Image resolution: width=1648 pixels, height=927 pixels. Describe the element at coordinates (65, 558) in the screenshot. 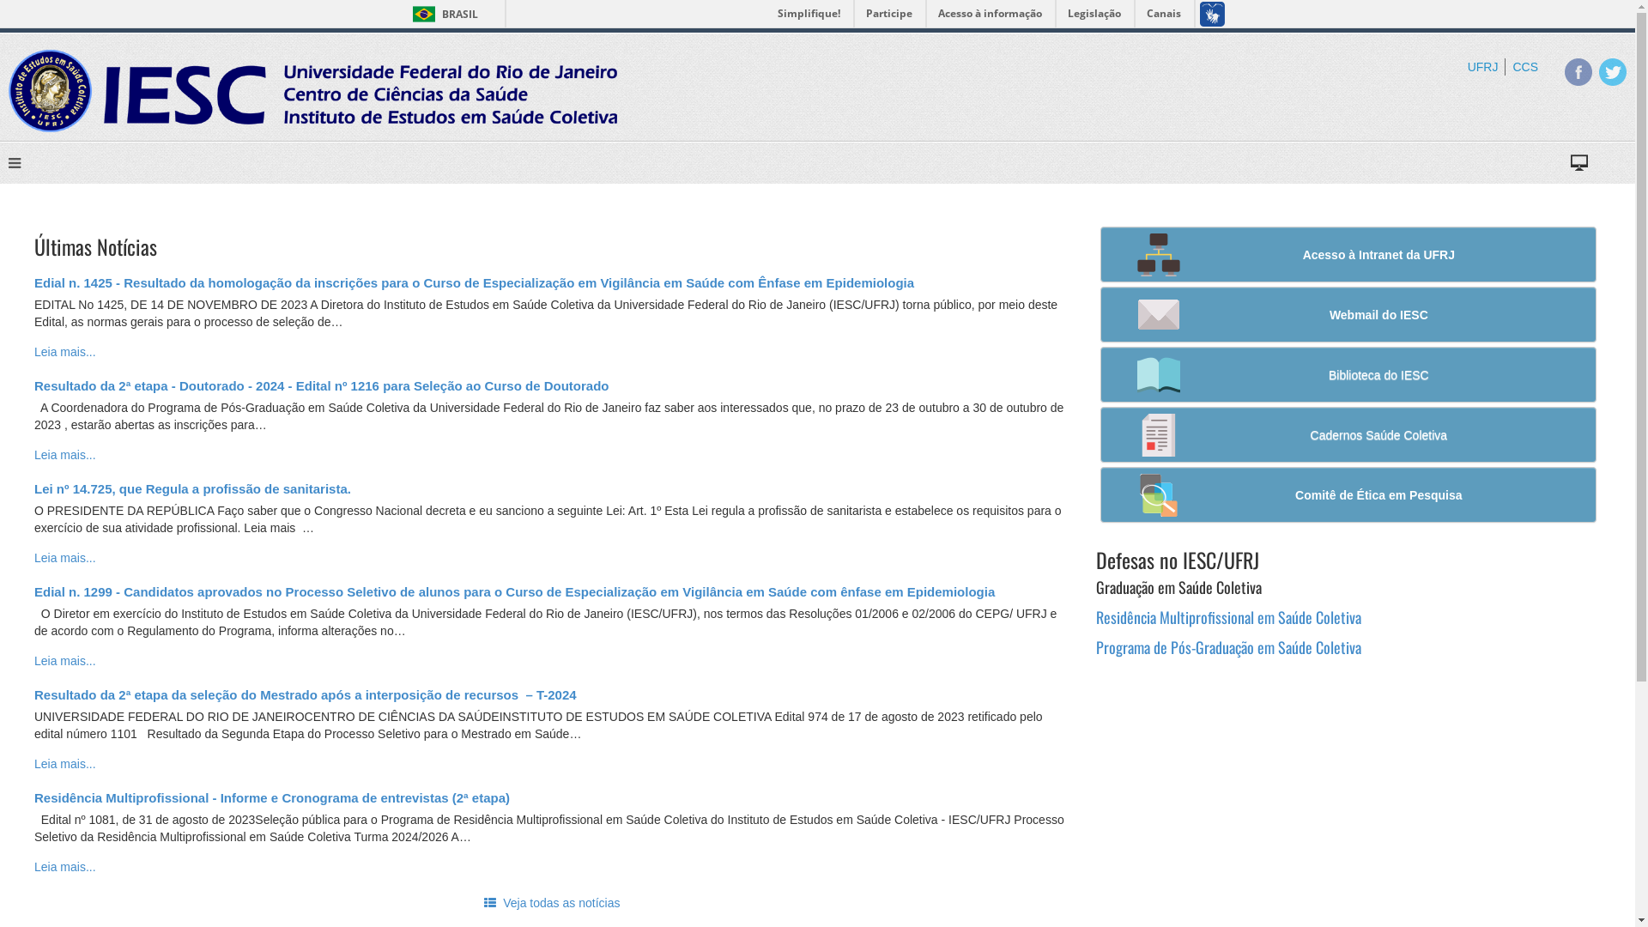

I see `'Leia mais...'` at that location.